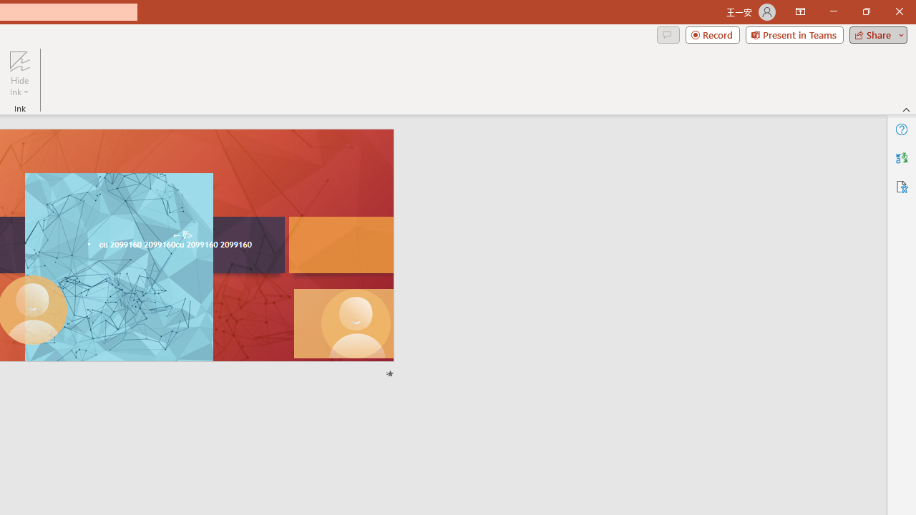  I want to click on 'Present in Teams', so click(794, 34).